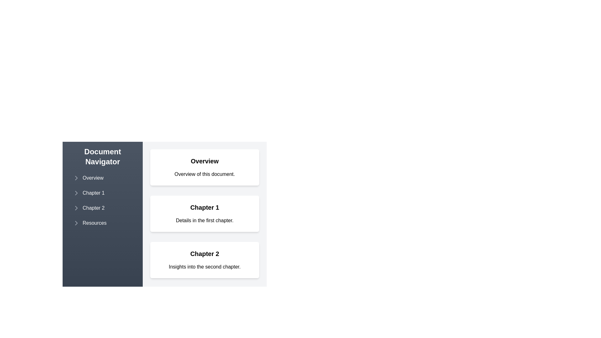 The image size is (601, 338). Describe the element at coordinates (102, 223) in the screenshot. I see `the fourth button in the 'Document Navigator' section` at that location.